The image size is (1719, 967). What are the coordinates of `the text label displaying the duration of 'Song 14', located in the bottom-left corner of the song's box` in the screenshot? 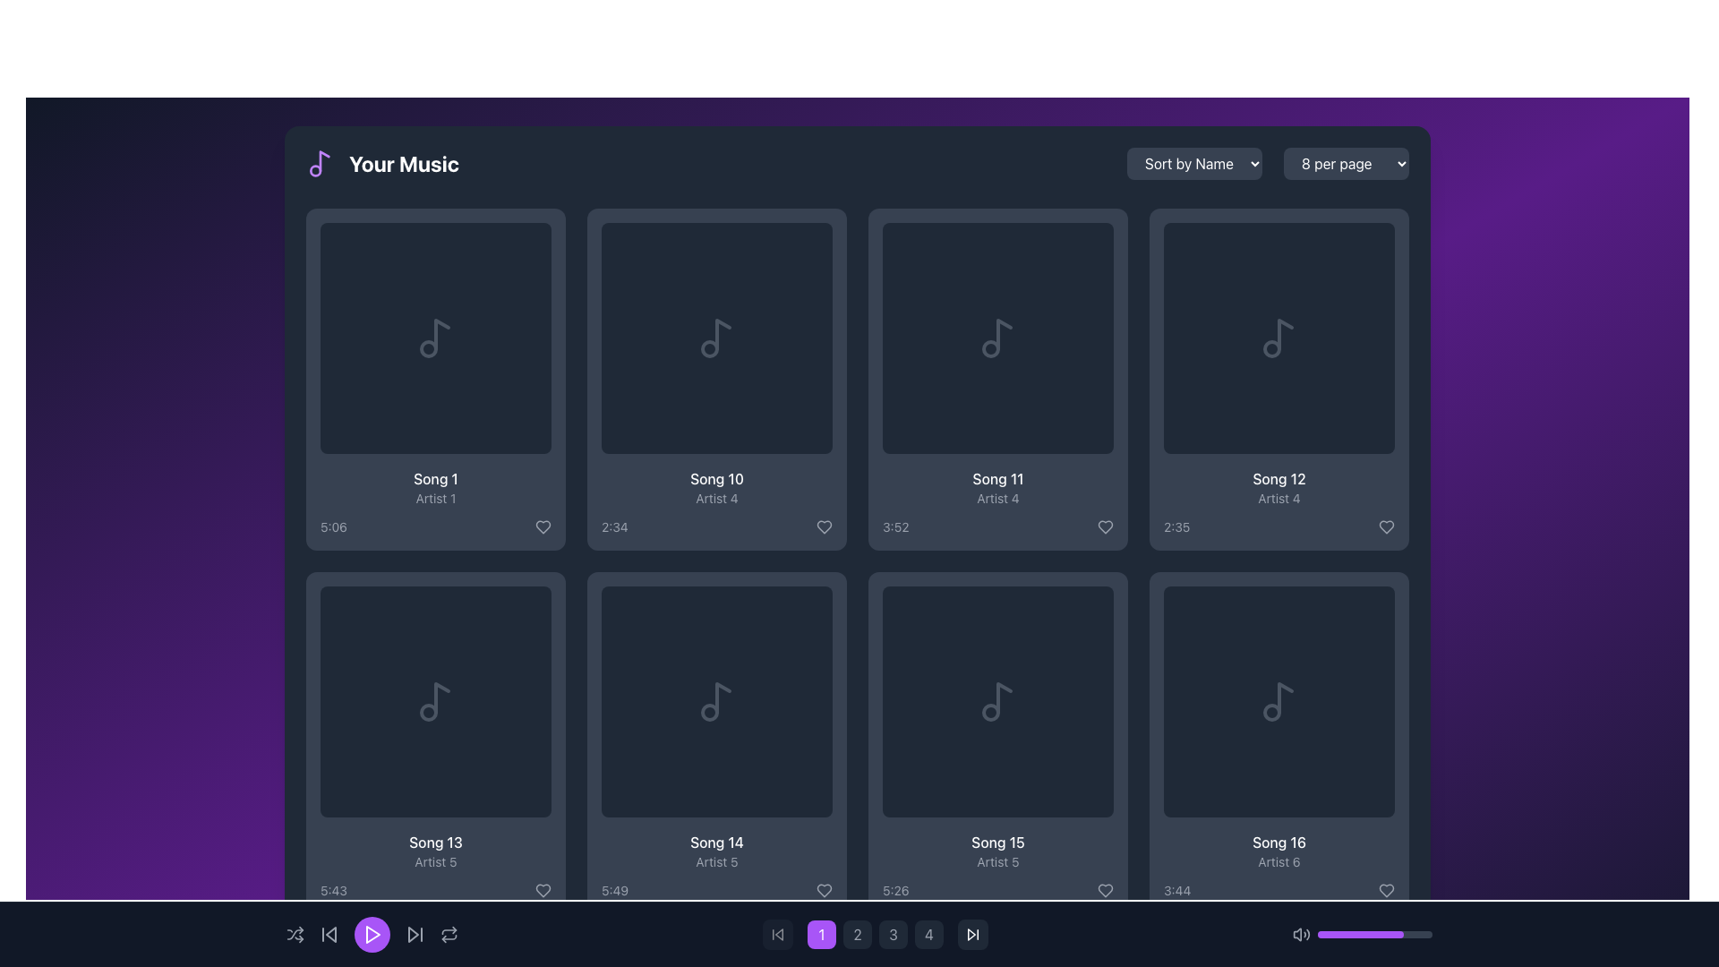 It's located at (614, 891).